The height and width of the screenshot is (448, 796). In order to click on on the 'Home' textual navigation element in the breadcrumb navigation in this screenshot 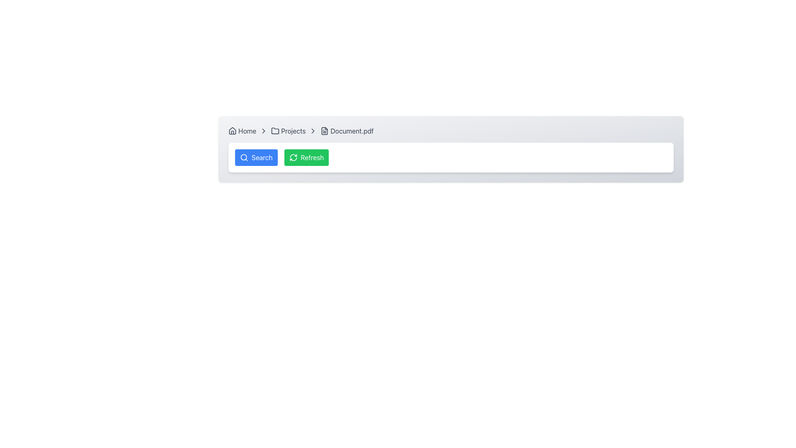, I will do `click(247, 131)`.